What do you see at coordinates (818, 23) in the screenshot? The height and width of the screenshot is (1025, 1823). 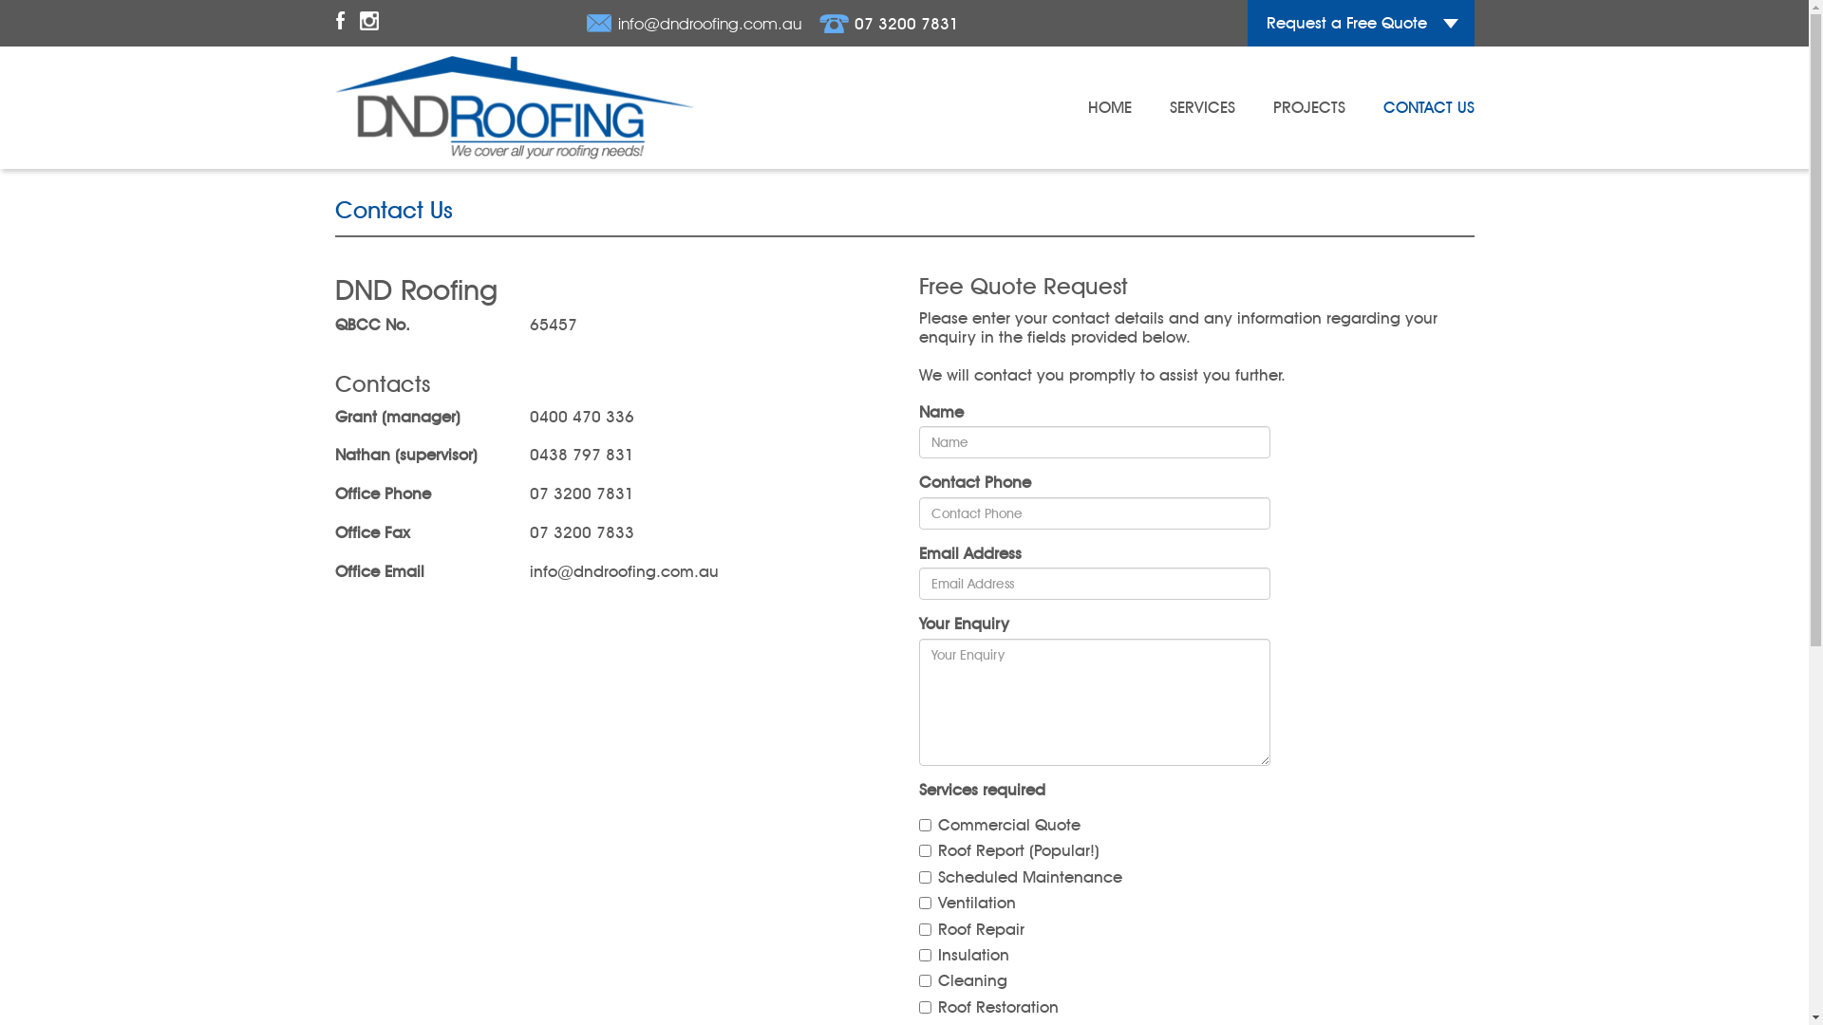 I see `'07 3200 7831'` at bounding box center [818, 23].